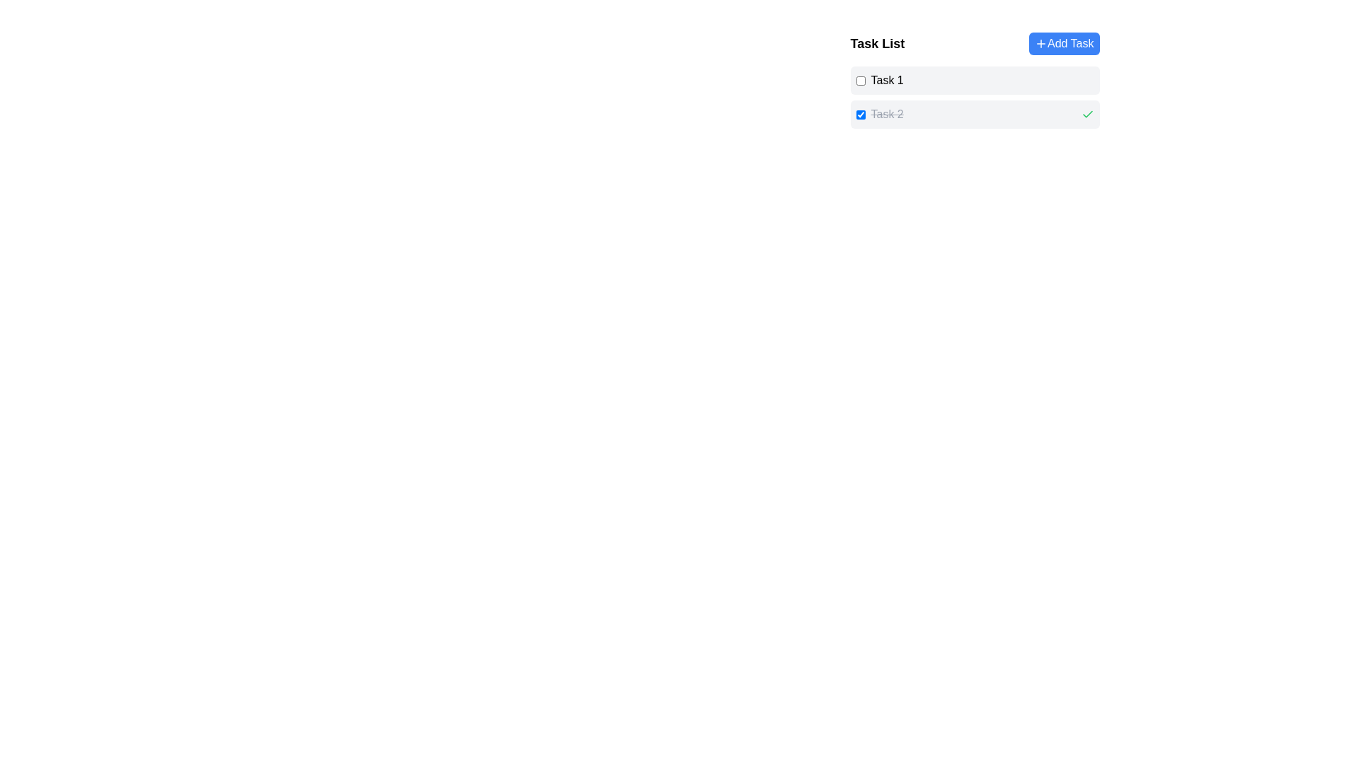  Describe the element at coordinates (886, 114) in the screenshot. I see `the text label representing a completed task name located below 'Task 1' and` at that location.